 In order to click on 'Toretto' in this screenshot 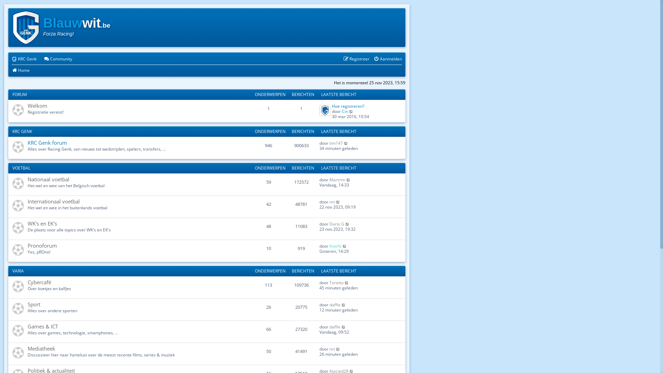, I will do `click(329, 283)`.